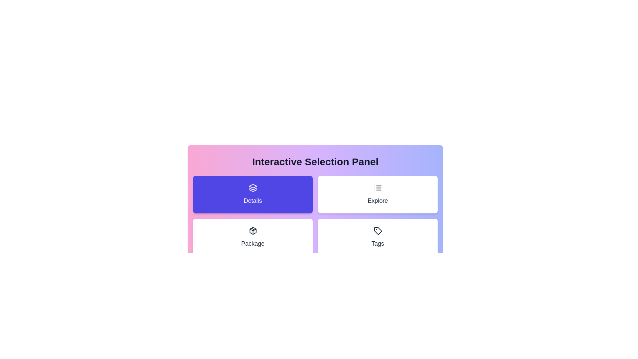 The width and height of the screenshot is (638, 359). I want to click on the 'Tags' button located in the bottom-right corner of the grid, so click(378, 237).